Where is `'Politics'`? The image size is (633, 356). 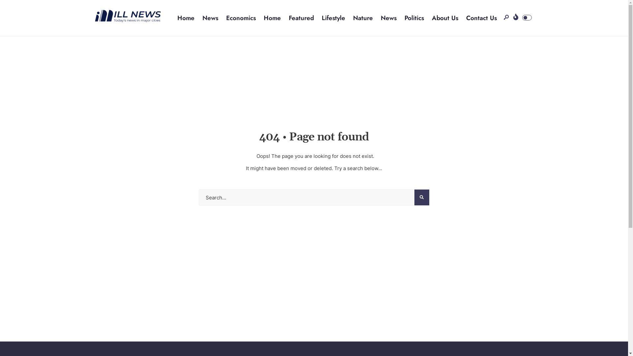
'Politics' is located at coordinates (414, 17).